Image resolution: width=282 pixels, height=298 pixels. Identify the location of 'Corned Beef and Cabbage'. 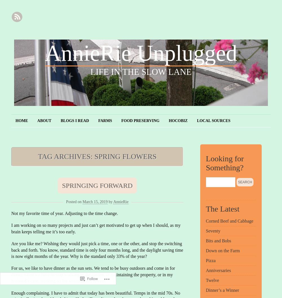
(229, 221).